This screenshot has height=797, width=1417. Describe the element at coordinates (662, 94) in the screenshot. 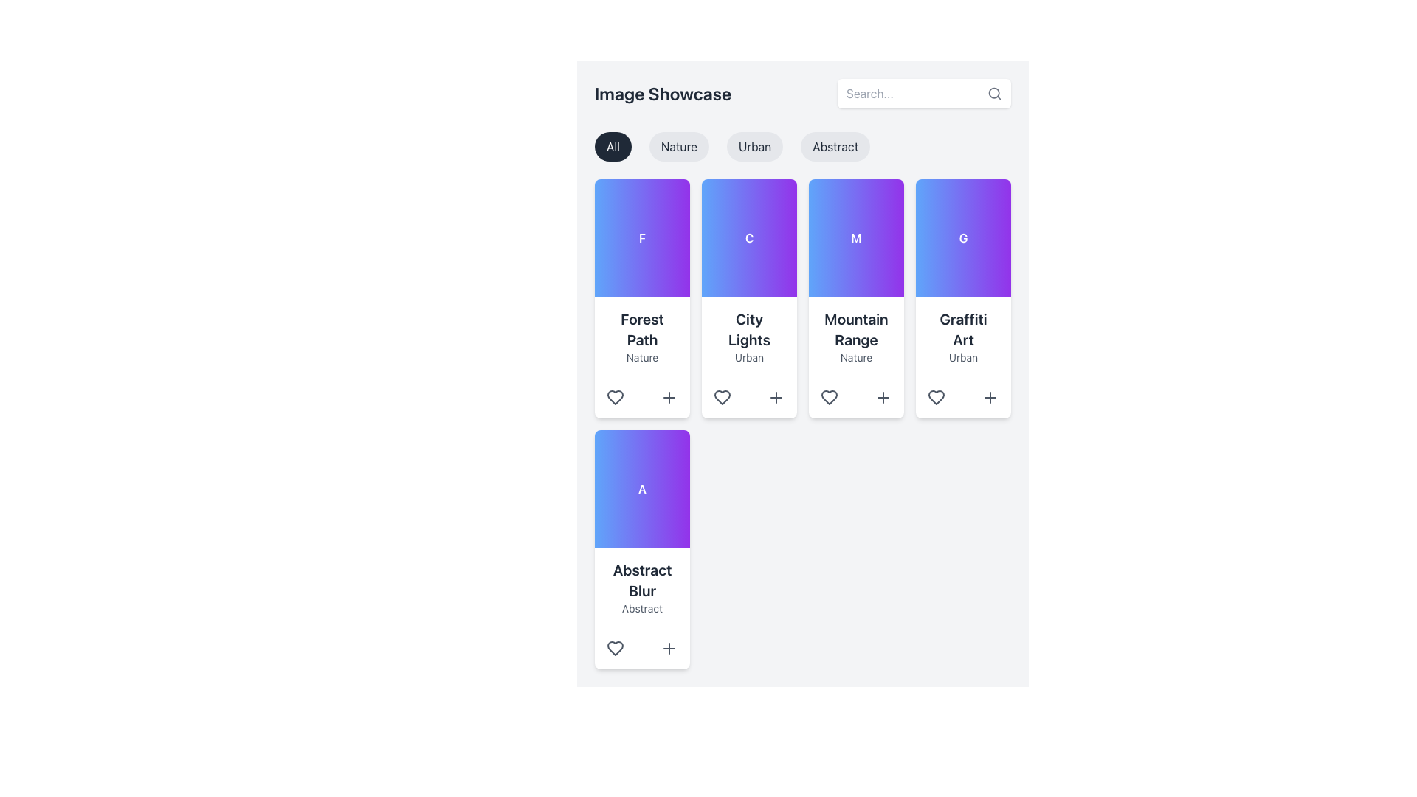

I see `the text label located in the upper-left section of the top navigation area, which serves as a title or heading for the surrounding content` at that location.